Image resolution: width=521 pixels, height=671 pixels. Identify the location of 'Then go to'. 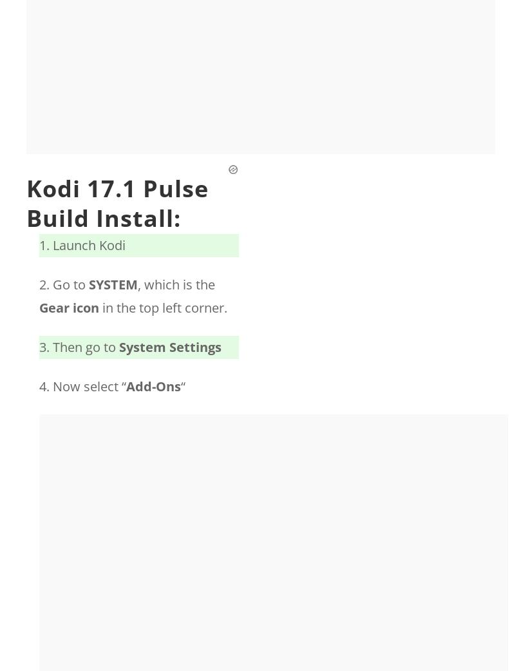
(86, 347).